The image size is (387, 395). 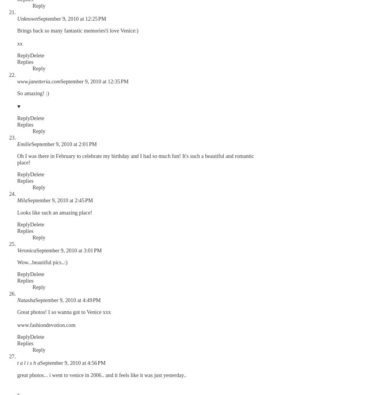 What do you see at coordinates (64, 312) in the screenshot?
I see `'Great photos! I so wanna got to Venice xxx'` at bounding box center [64, 312].